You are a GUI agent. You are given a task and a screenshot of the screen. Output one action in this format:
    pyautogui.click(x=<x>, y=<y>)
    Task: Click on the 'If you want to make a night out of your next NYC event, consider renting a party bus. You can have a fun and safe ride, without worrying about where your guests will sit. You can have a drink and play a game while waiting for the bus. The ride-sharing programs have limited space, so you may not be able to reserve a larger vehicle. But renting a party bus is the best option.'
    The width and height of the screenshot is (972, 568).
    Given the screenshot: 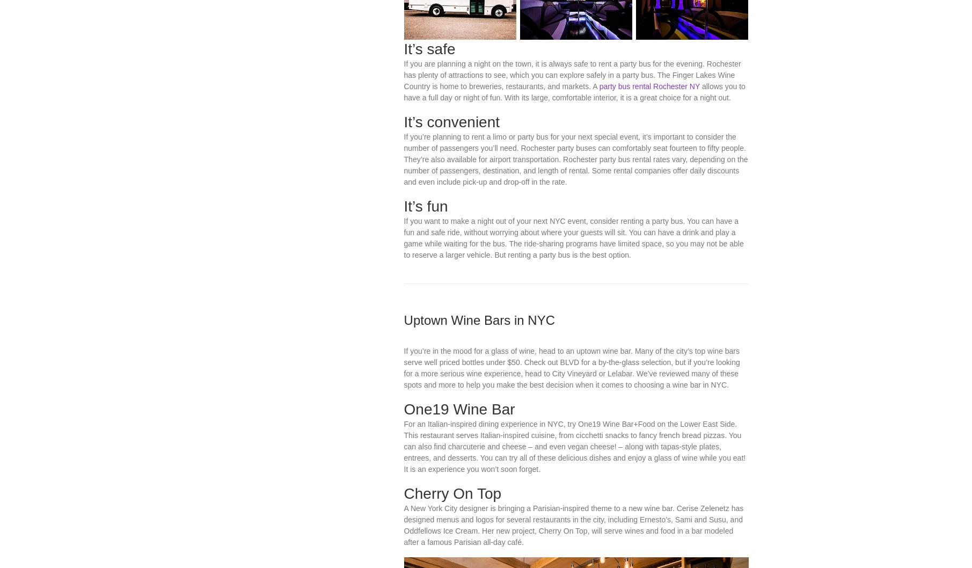 What is the action you would take?
    pyautogui.click(x=573, y=339)
    